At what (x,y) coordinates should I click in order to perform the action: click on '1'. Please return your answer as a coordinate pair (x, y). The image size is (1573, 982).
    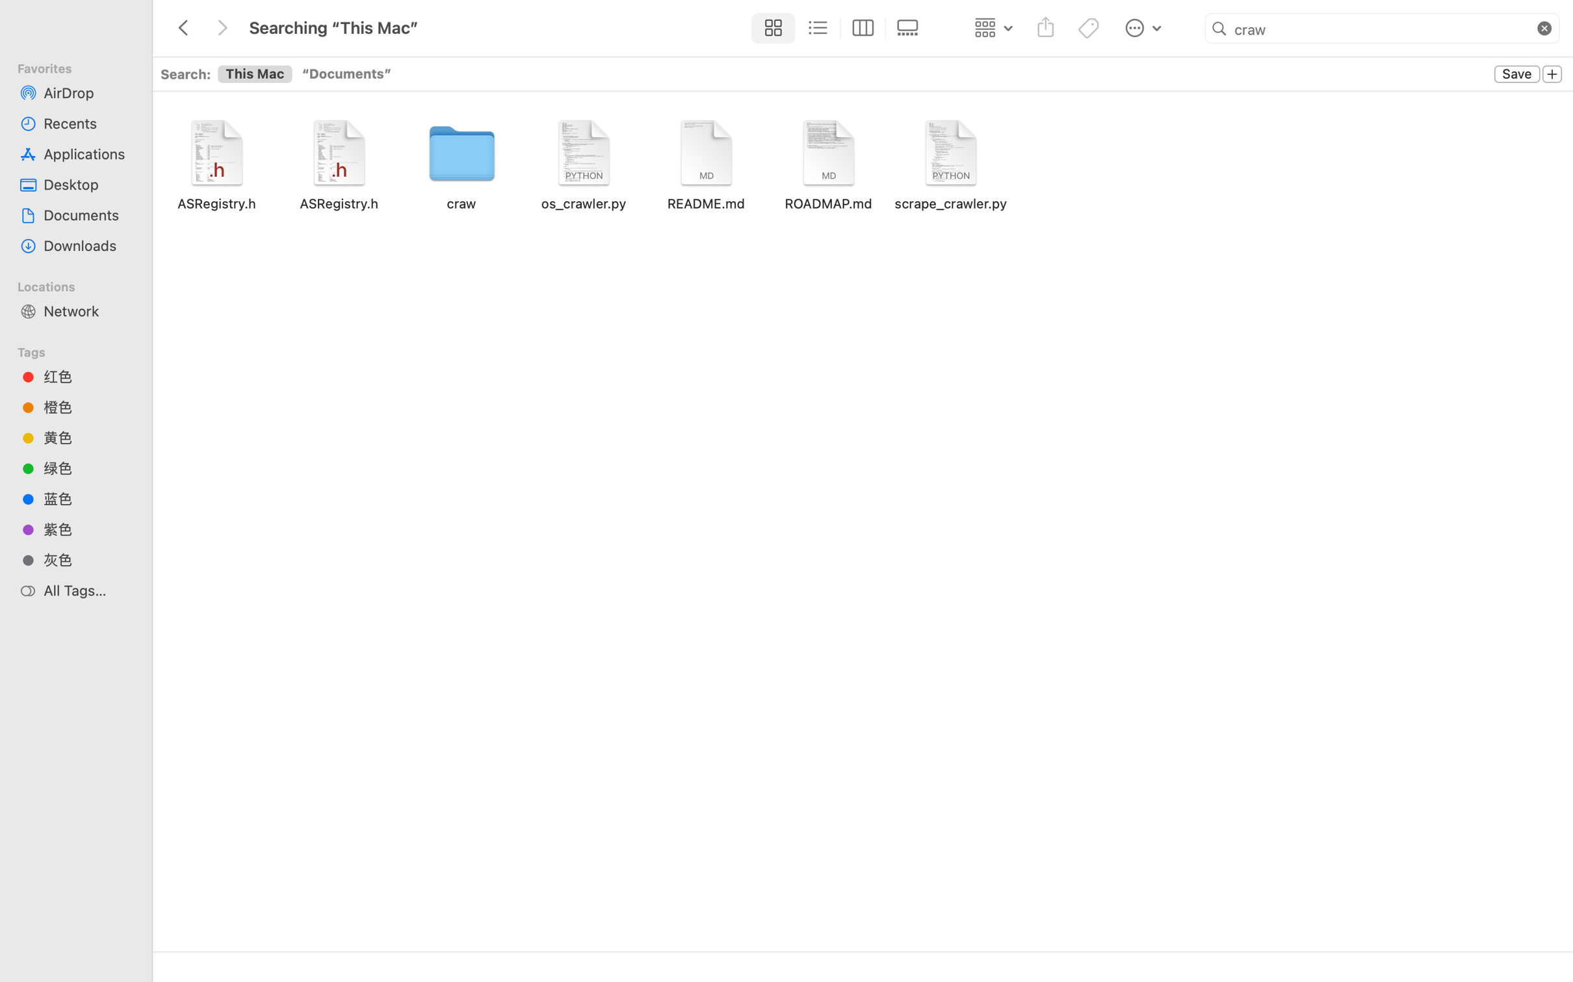
    Looking at the image, I should click on (770, 29).